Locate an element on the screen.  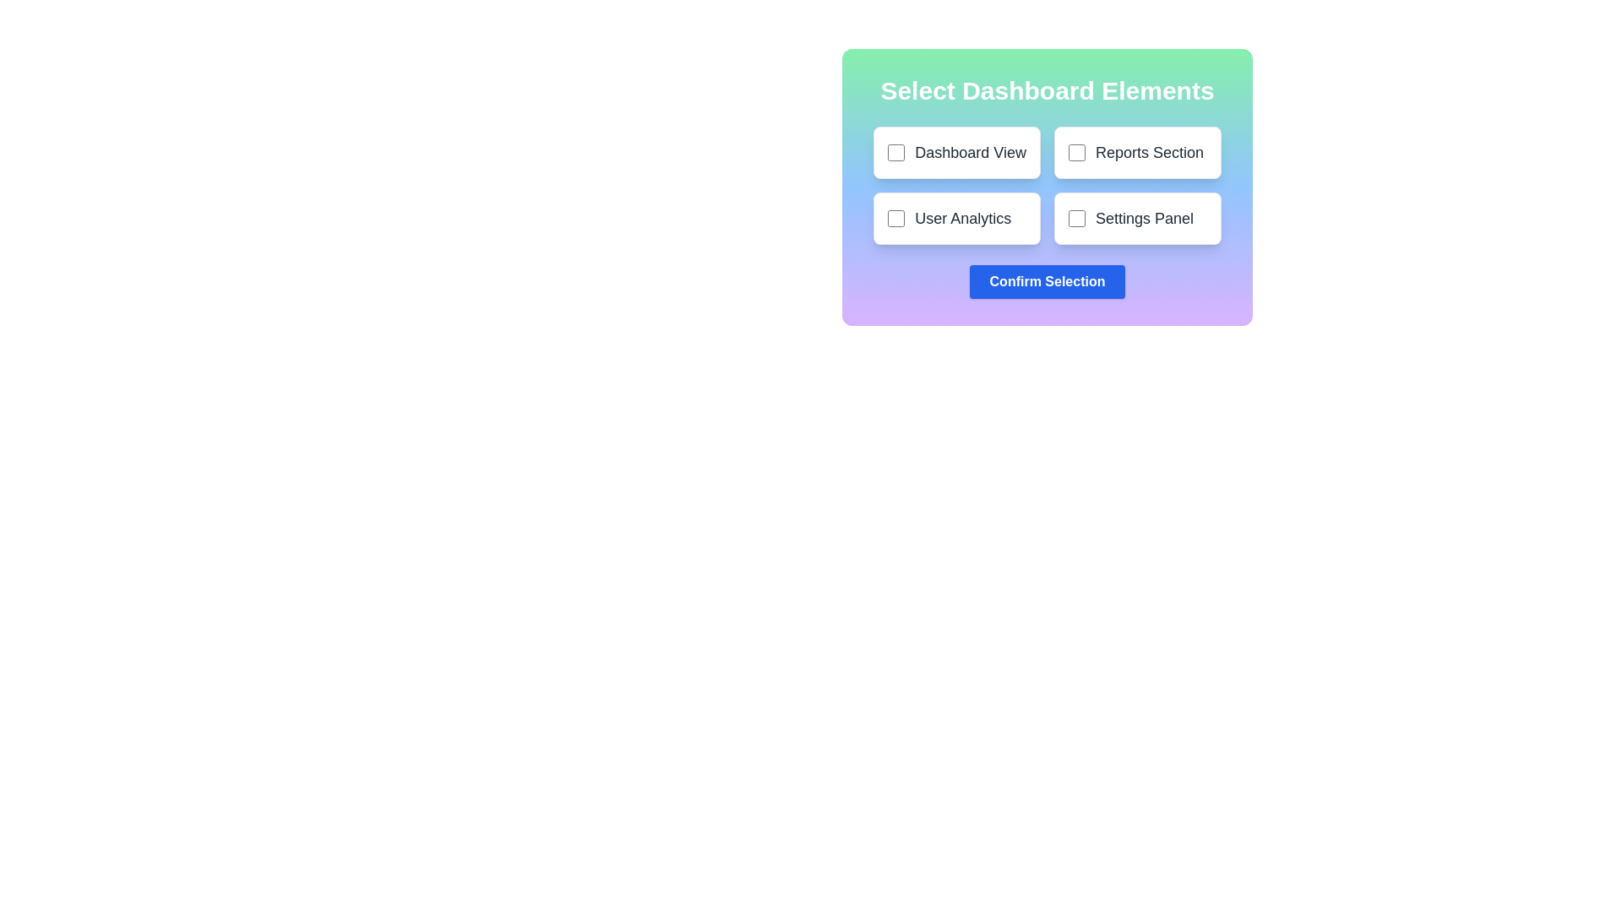
the checkbox for Settings Panel is located at coordinates (1076, 217).